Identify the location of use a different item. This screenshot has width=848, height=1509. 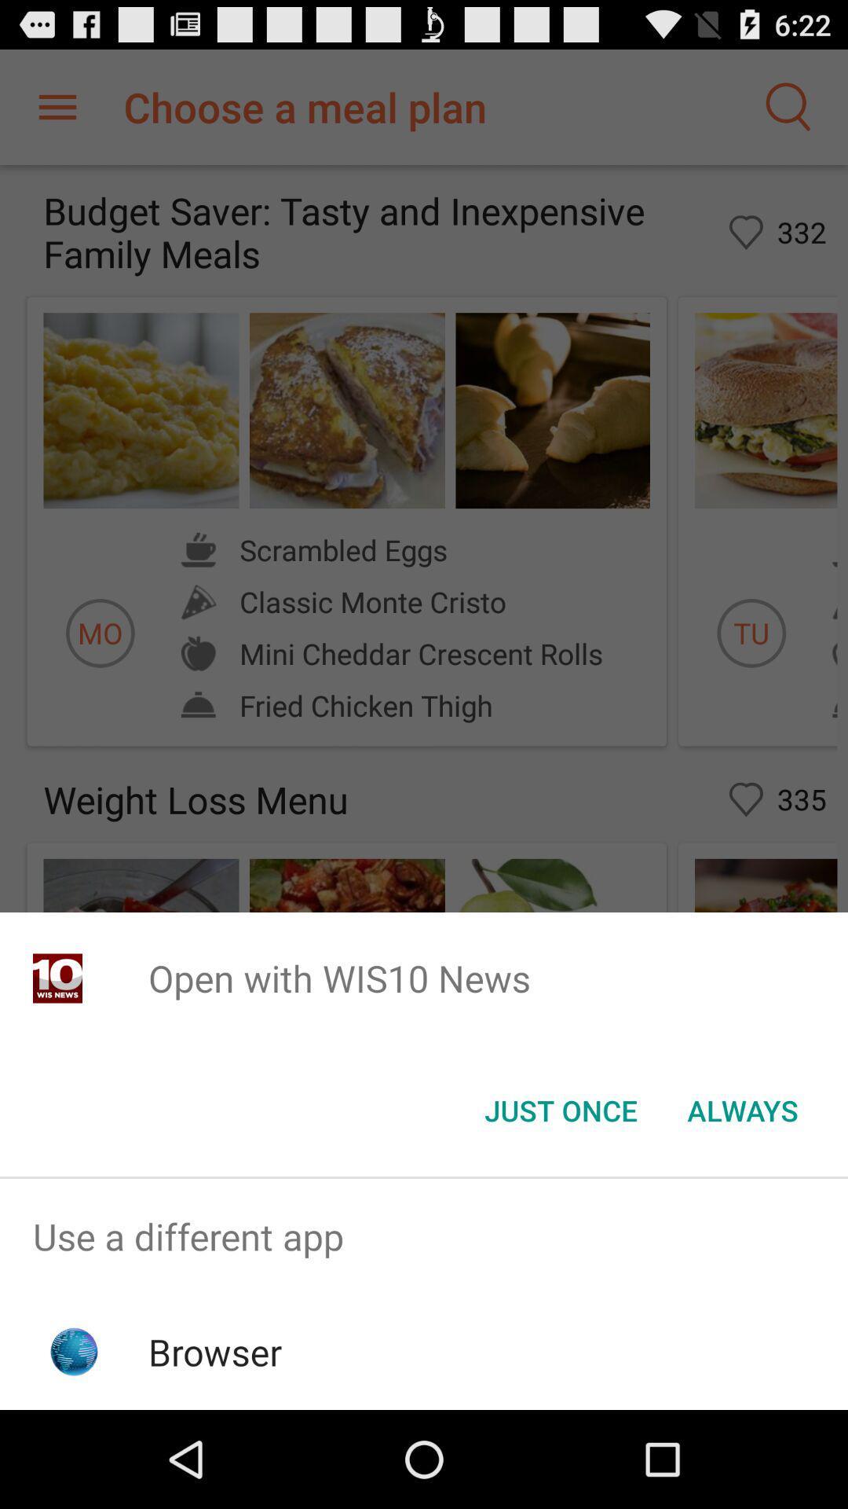
(424, 1235).